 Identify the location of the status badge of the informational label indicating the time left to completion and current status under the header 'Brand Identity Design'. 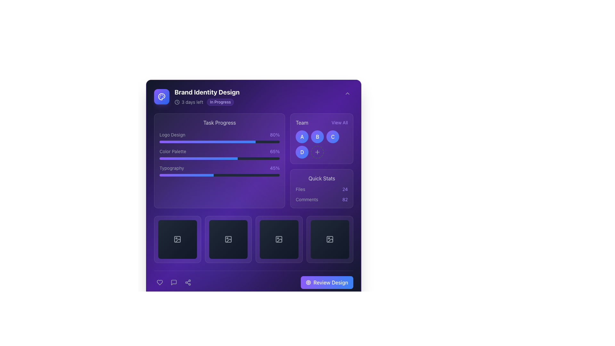
(207, 102).